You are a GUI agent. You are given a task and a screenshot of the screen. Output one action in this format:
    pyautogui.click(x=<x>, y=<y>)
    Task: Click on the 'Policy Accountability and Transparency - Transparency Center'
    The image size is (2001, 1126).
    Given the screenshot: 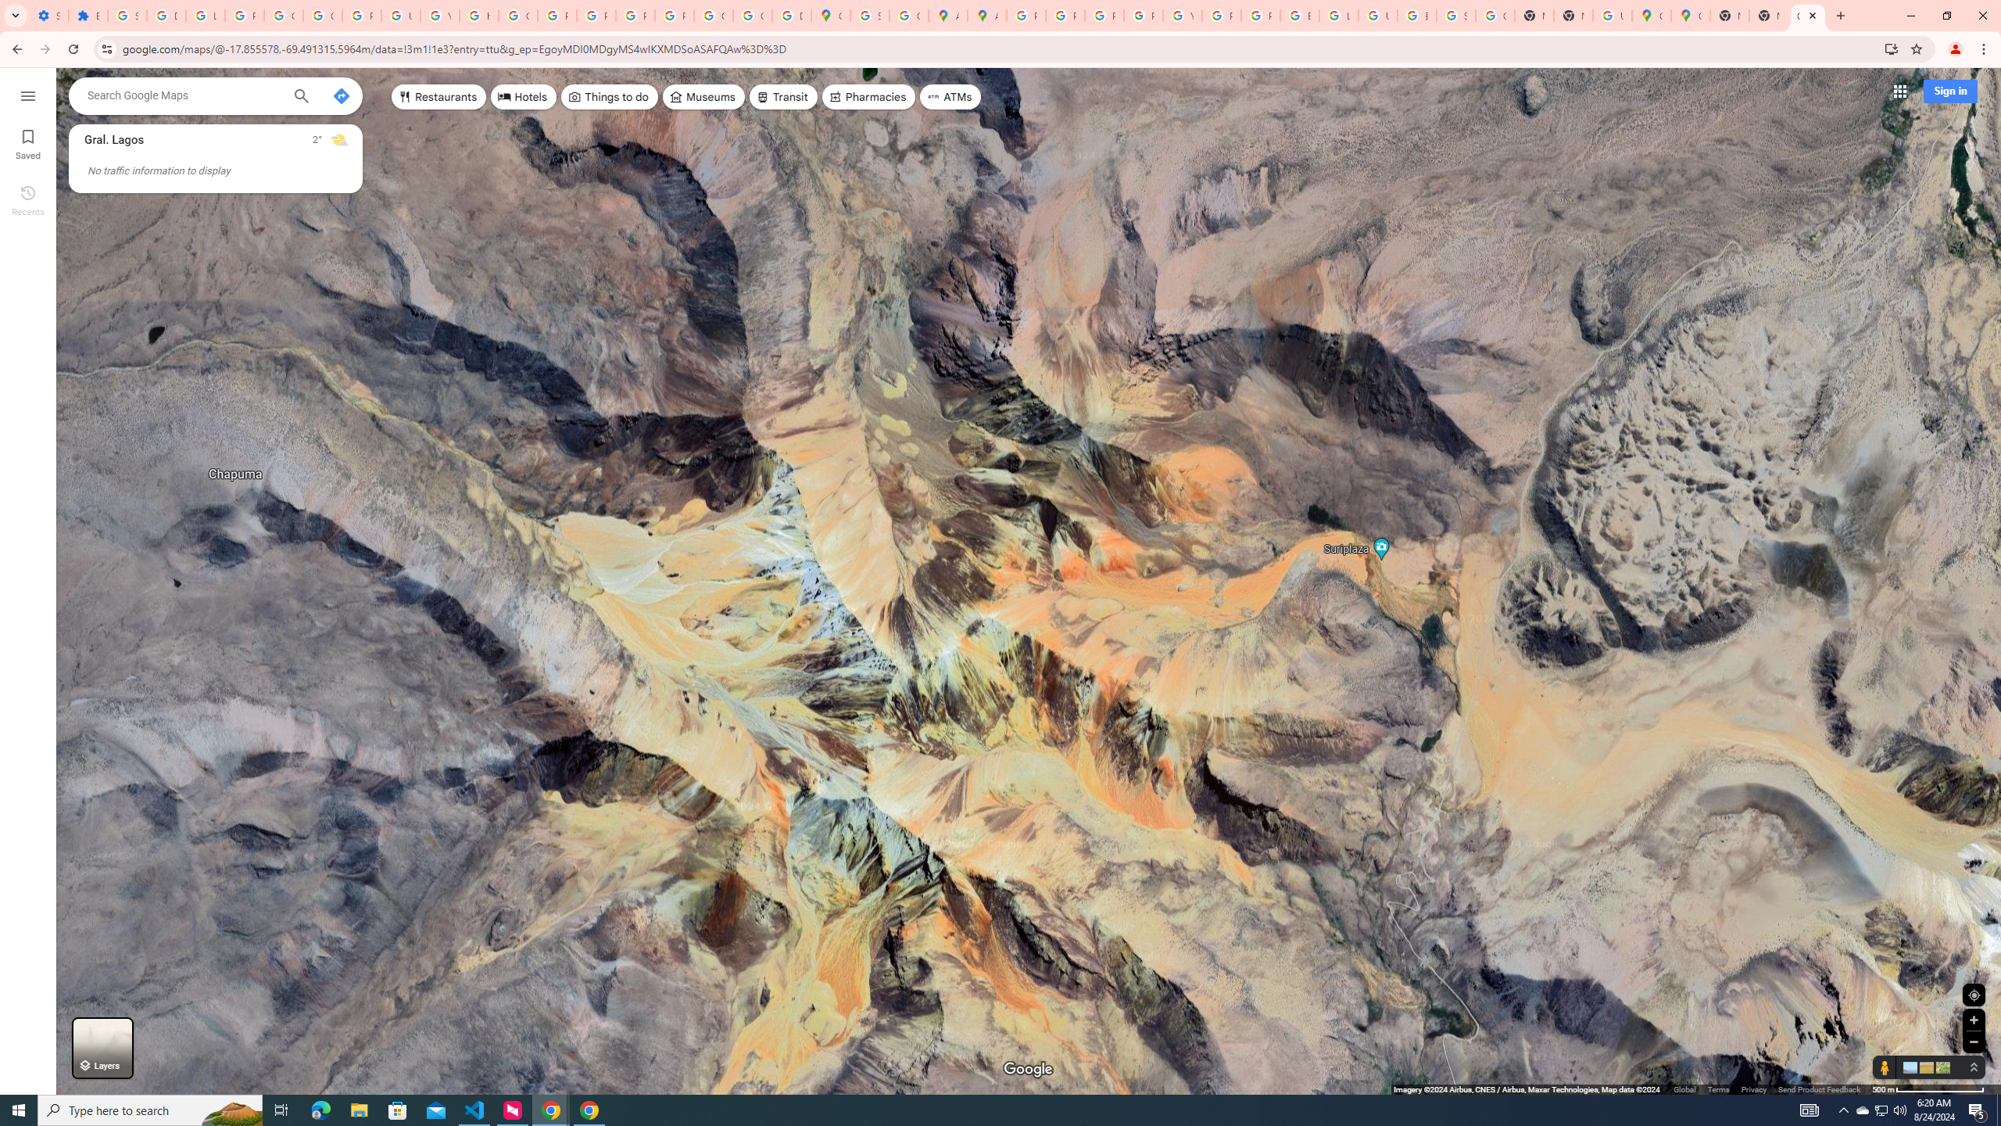 What is the action you would take?
    pyautogui.click(x=1026, y=15)
    